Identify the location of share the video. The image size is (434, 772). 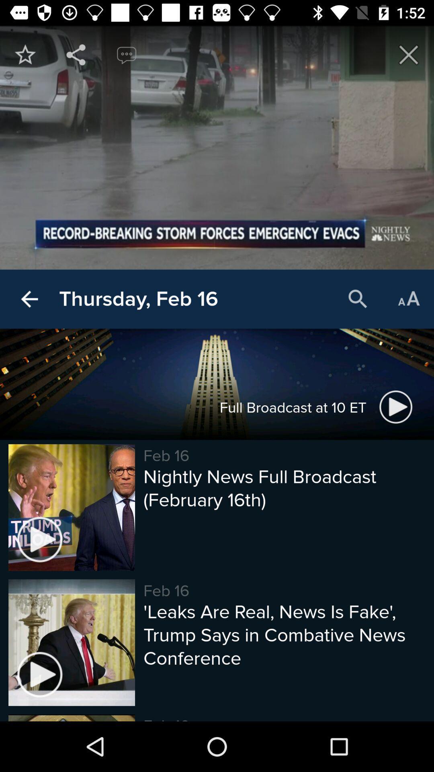
(76, 54).